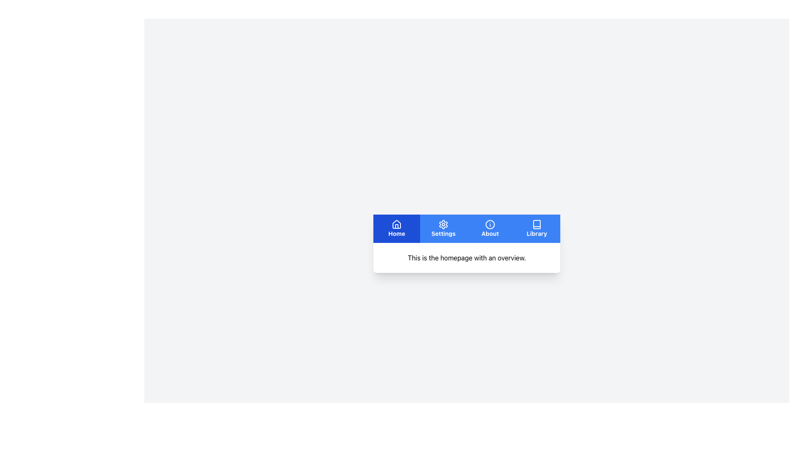  I want to click on the 'Library' button, which features a book icon and bold white text on a blue background, located in the bottom navigation menu as the fourth option from the left, so click(537, 228).